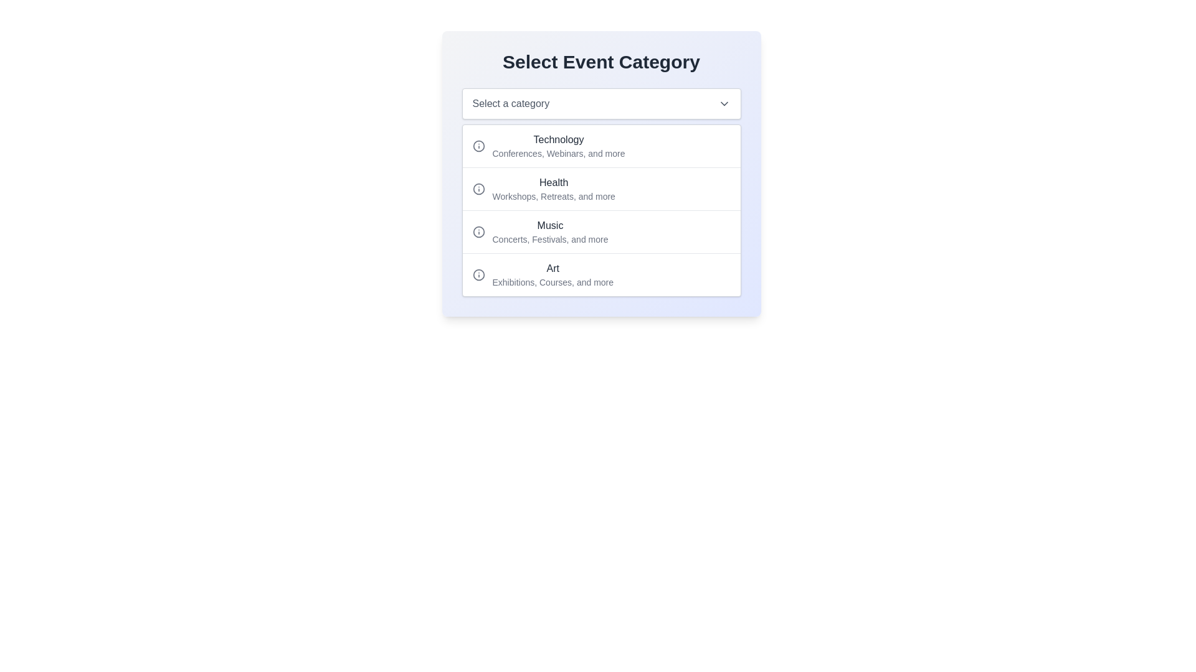 The image size is (1196, 672). Describe the element at coordinates (601, 103) in the screenshot. I see `the dropdown selector labeled 'Select a category'` at that location.